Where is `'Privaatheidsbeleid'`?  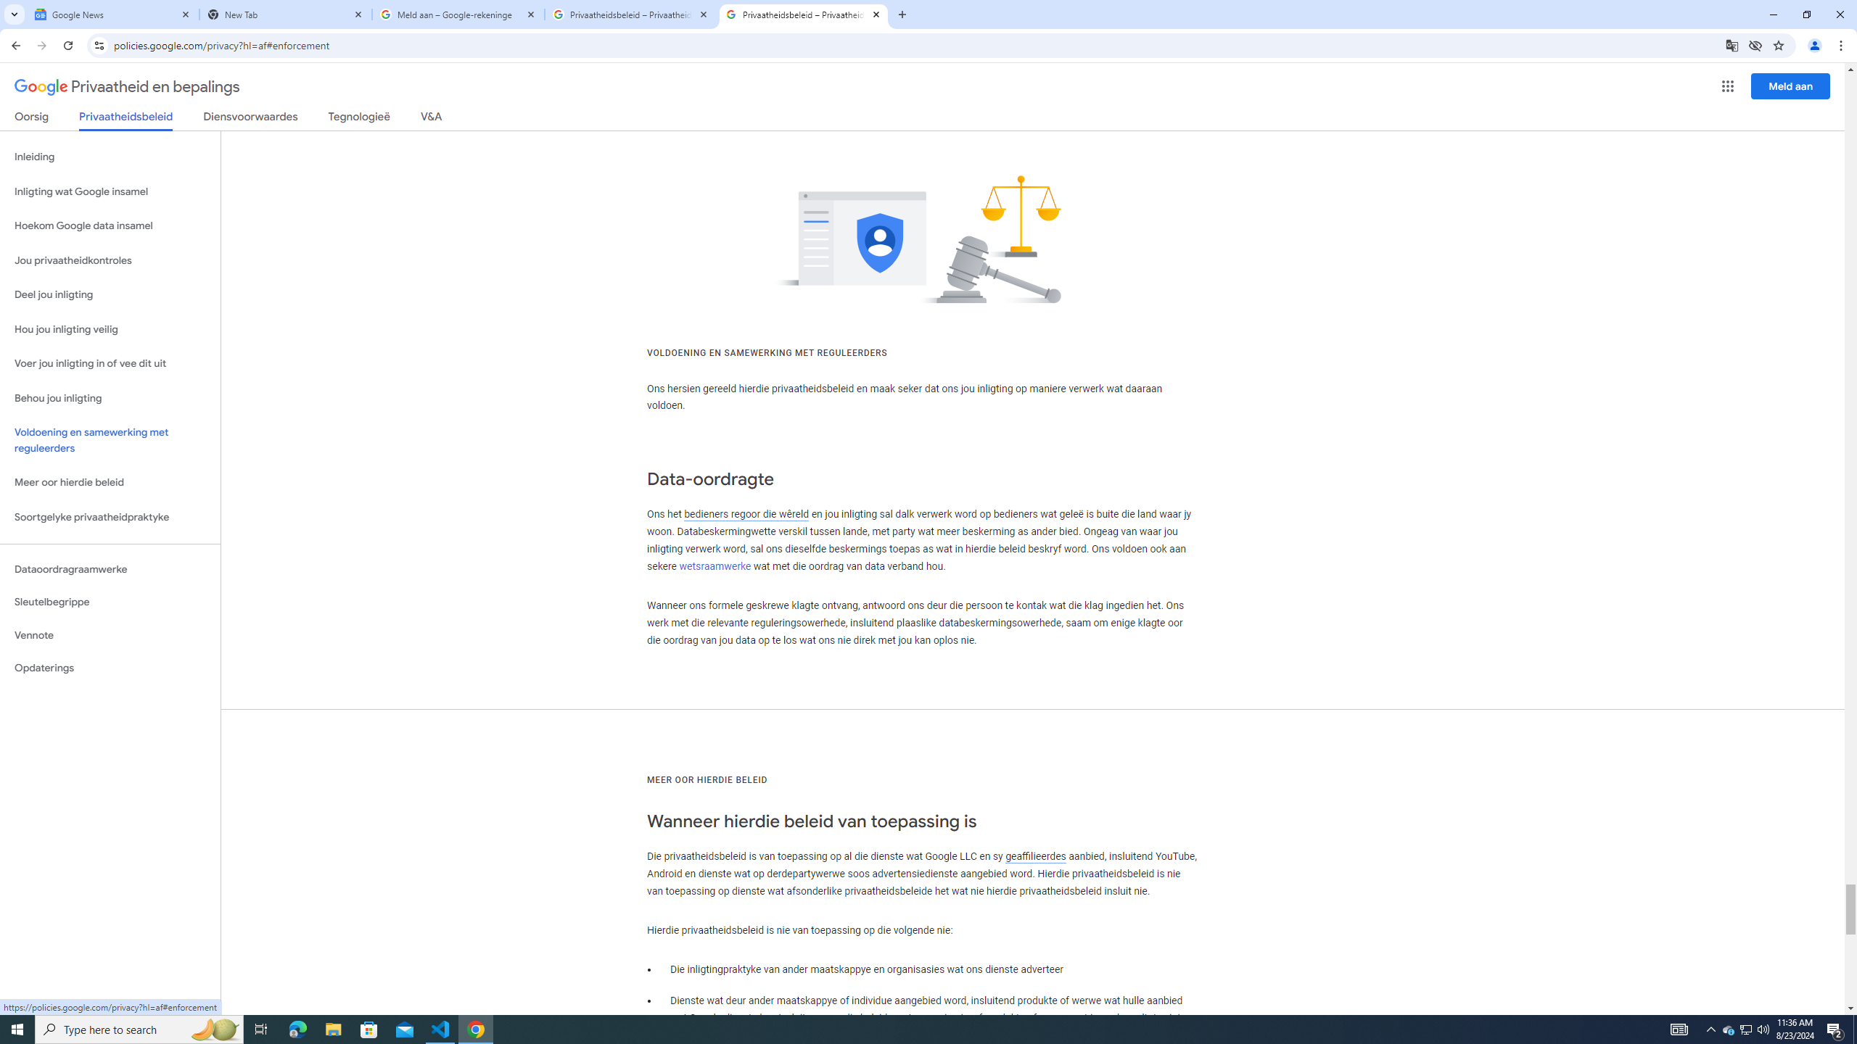
'Privaatheidsbeleid' is located at coordinates (126, 120).